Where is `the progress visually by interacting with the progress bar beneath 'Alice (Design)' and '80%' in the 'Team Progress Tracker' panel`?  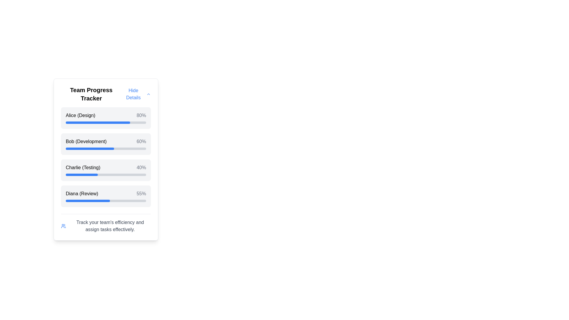
the progress visually by interacting with the progress bar beneath 'Alice (Design)' and '80%' in the 'Team Progress Tracker' panel is located at coordinates (106, 122).